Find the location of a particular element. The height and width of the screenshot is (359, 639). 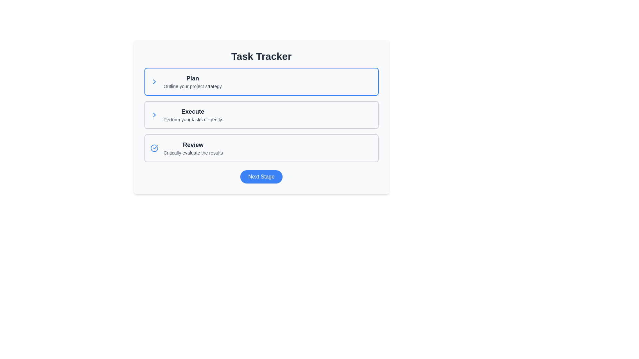

the Text Label located directly beneath the 'Plan' title in the task tracker interface to provide additional context regarding the section is located at coordinates (192, 86).